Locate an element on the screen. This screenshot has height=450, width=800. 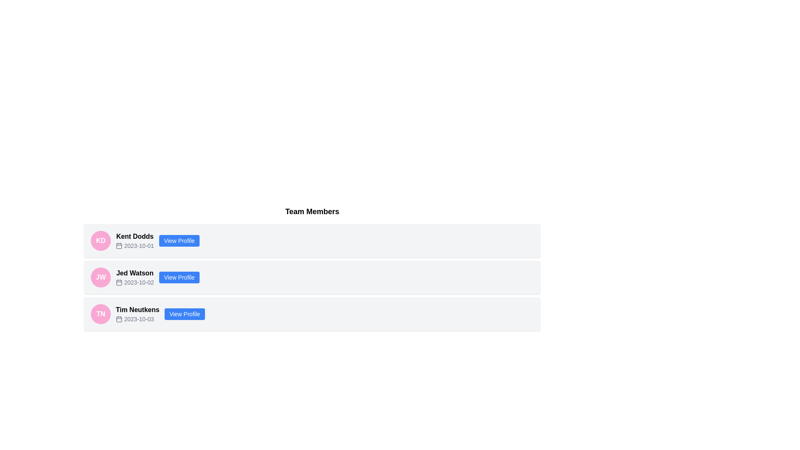
the text label identifying the name of the third team member in the list, positioned to the right of the circular icon is located at coordinates (137, 310).